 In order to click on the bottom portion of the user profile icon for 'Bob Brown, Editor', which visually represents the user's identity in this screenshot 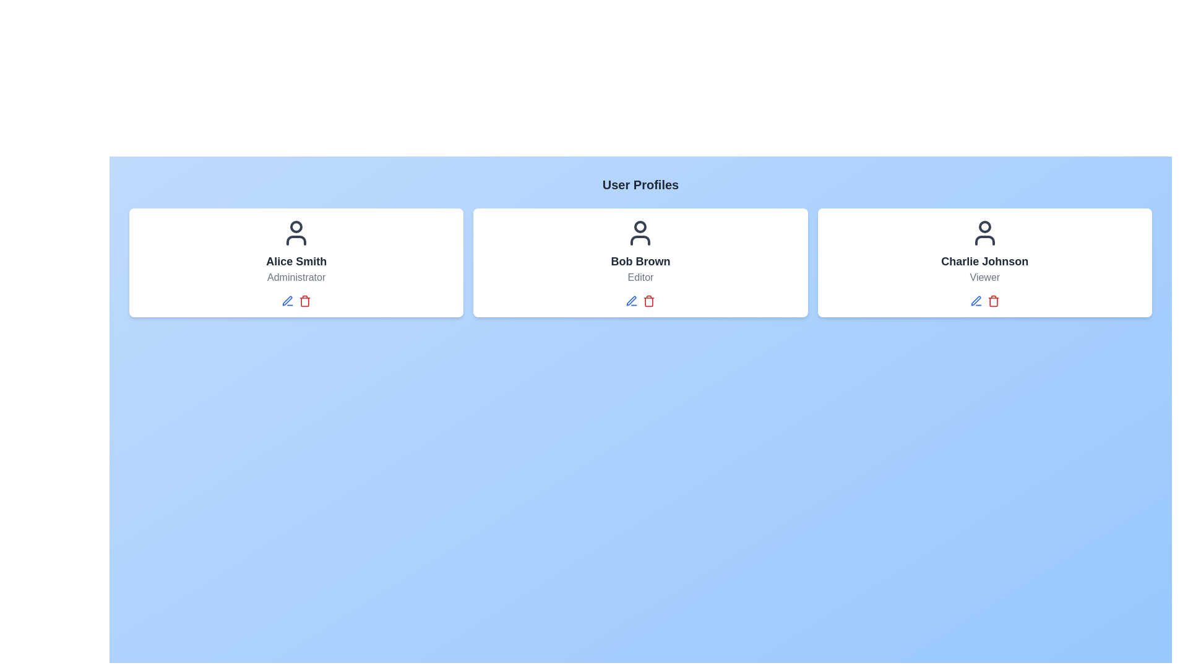, I will do `click(640, 241)`.